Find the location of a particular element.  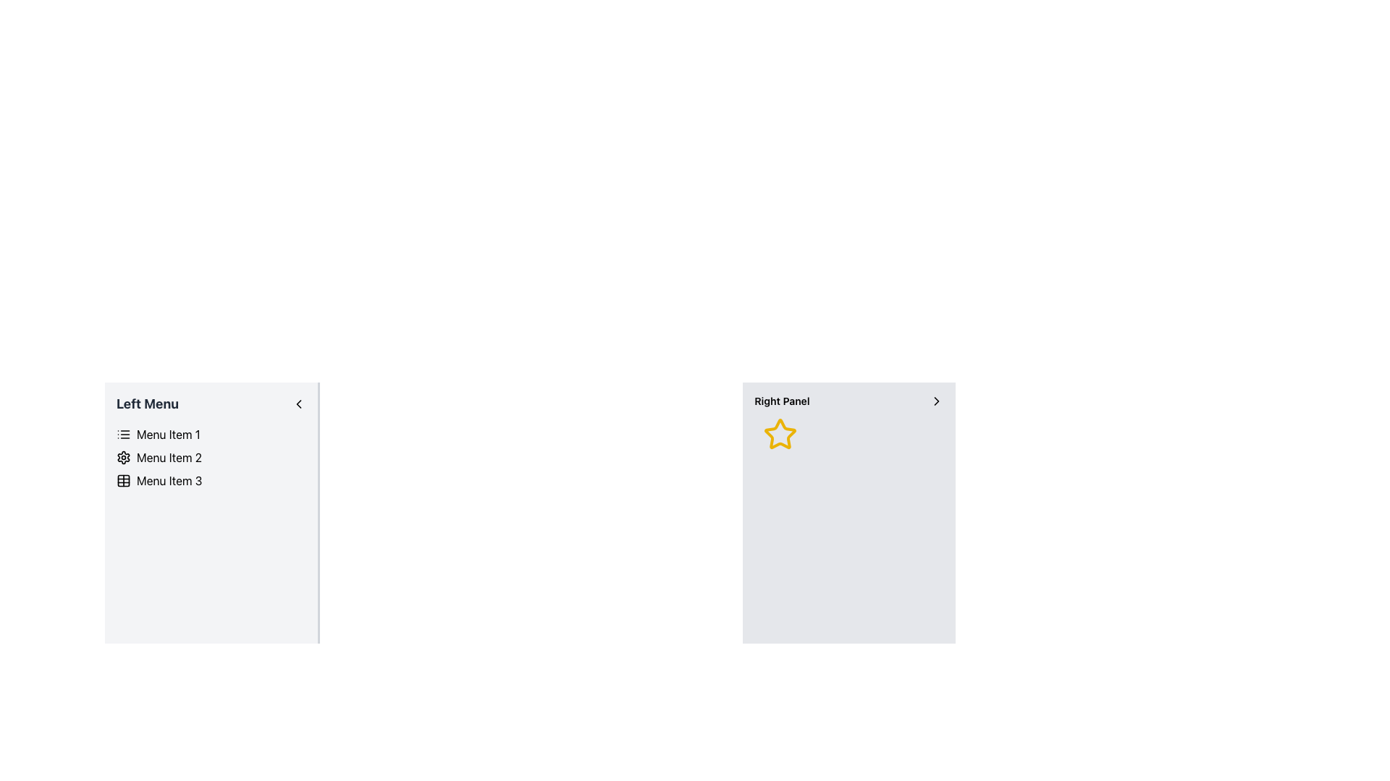

the star icon with a hollow center and a yellow border located at the center of the right panel beneath the 'Right Panel' text header is located at coordinates (780, 434).